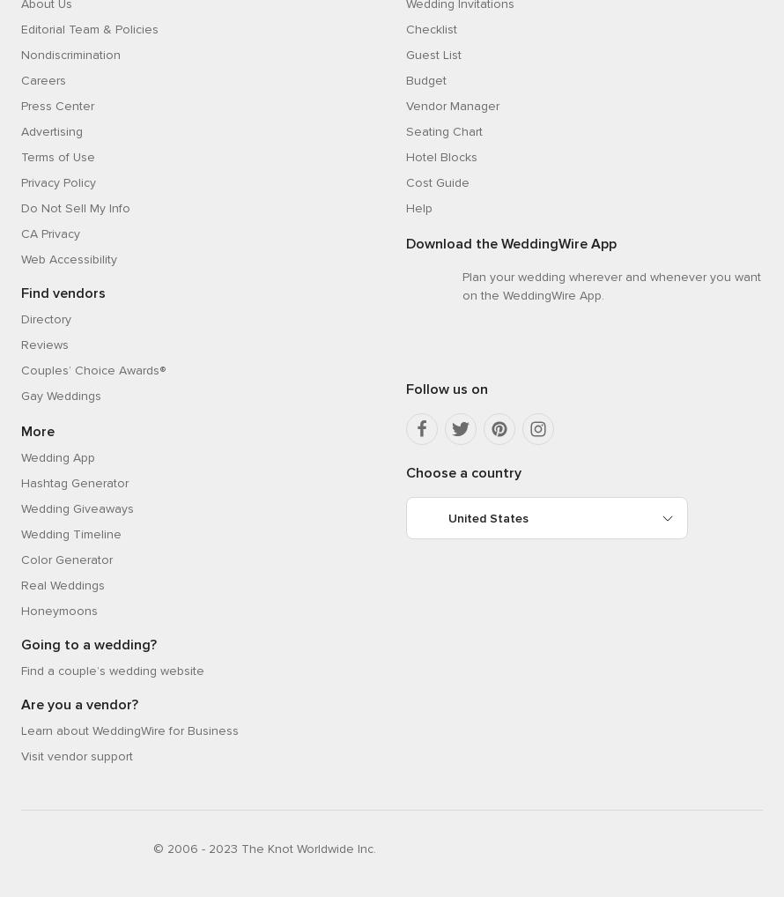  Describe the element at coordinates (452, 104) in the screenshot. I see `'Vendor Manager'` at that location.